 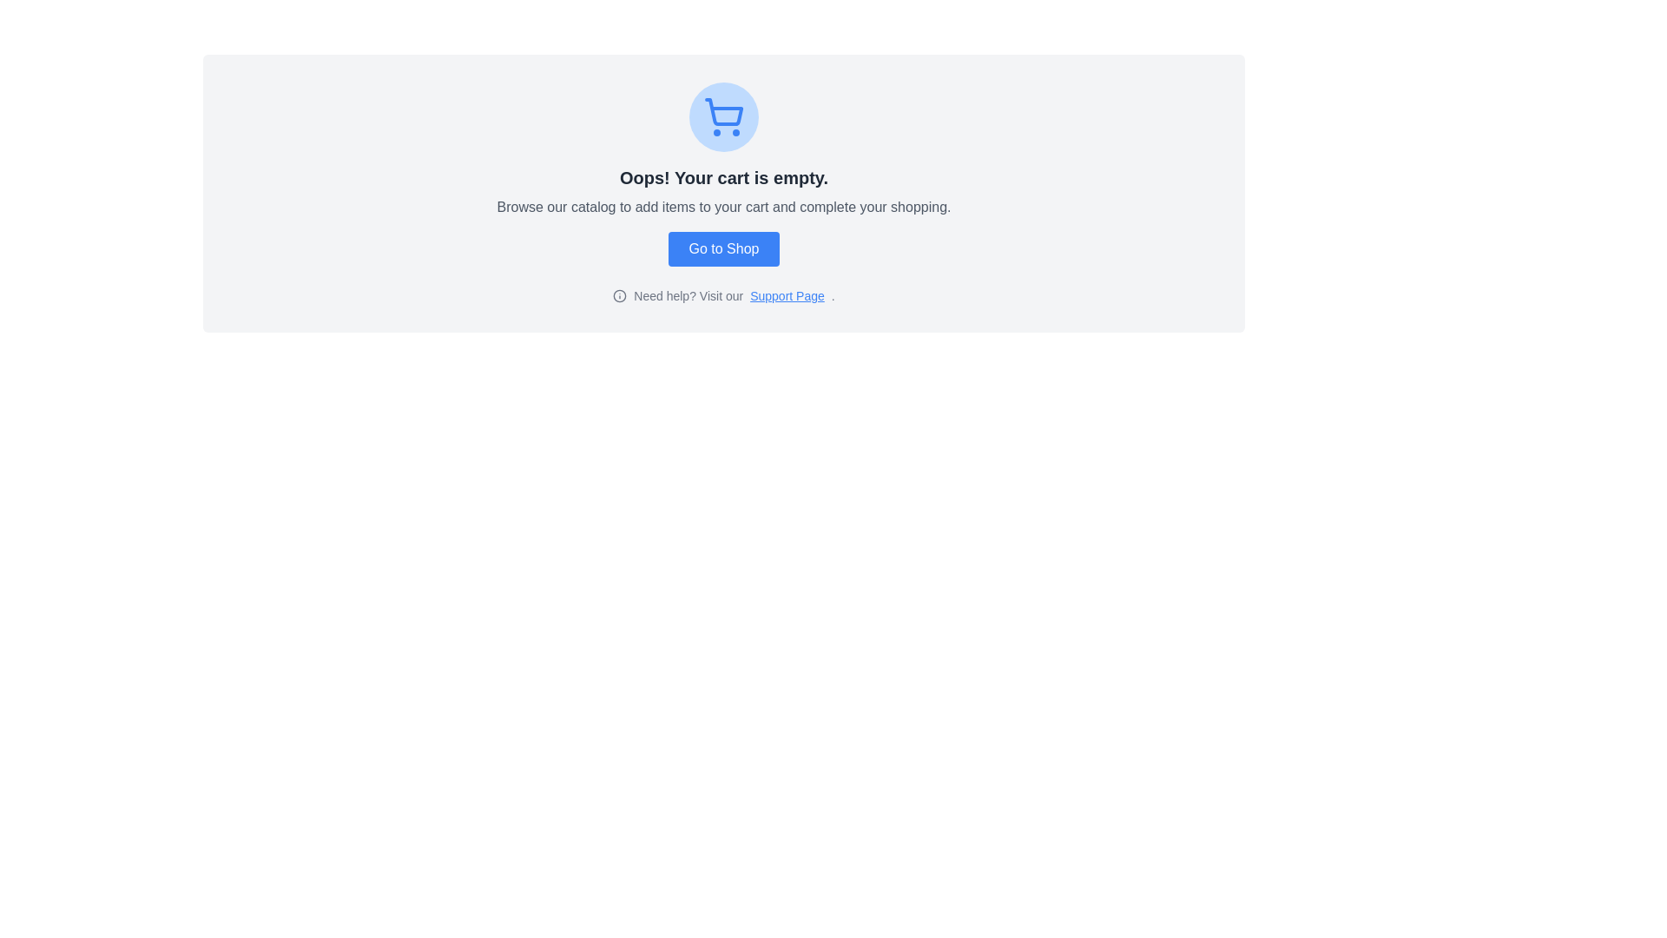 I want to click on the text label that displays the message 'Browse our catalog to add items to your cart and complete your shopping.' which is positioned below the title 'Oops! Your cart is empty.' and above the button 'Go to Shop', so click(x=724, y=207).